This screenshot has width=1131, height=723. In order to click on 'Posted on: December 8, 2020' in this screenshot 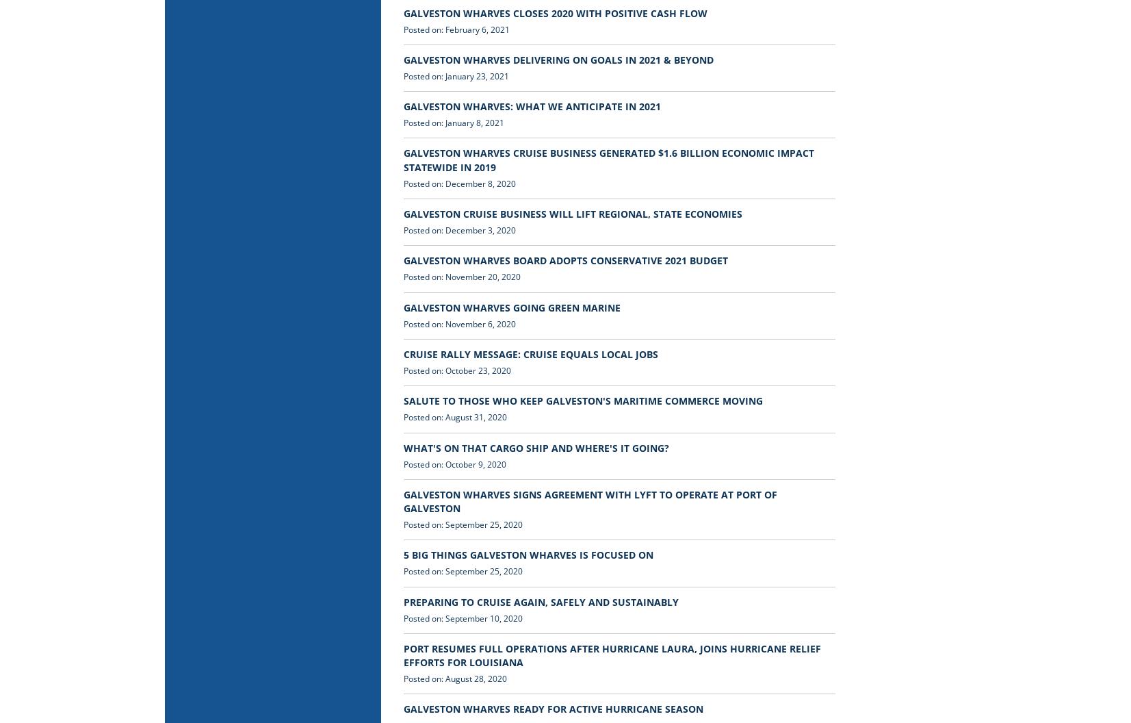, I will do `click(402, 183)`.